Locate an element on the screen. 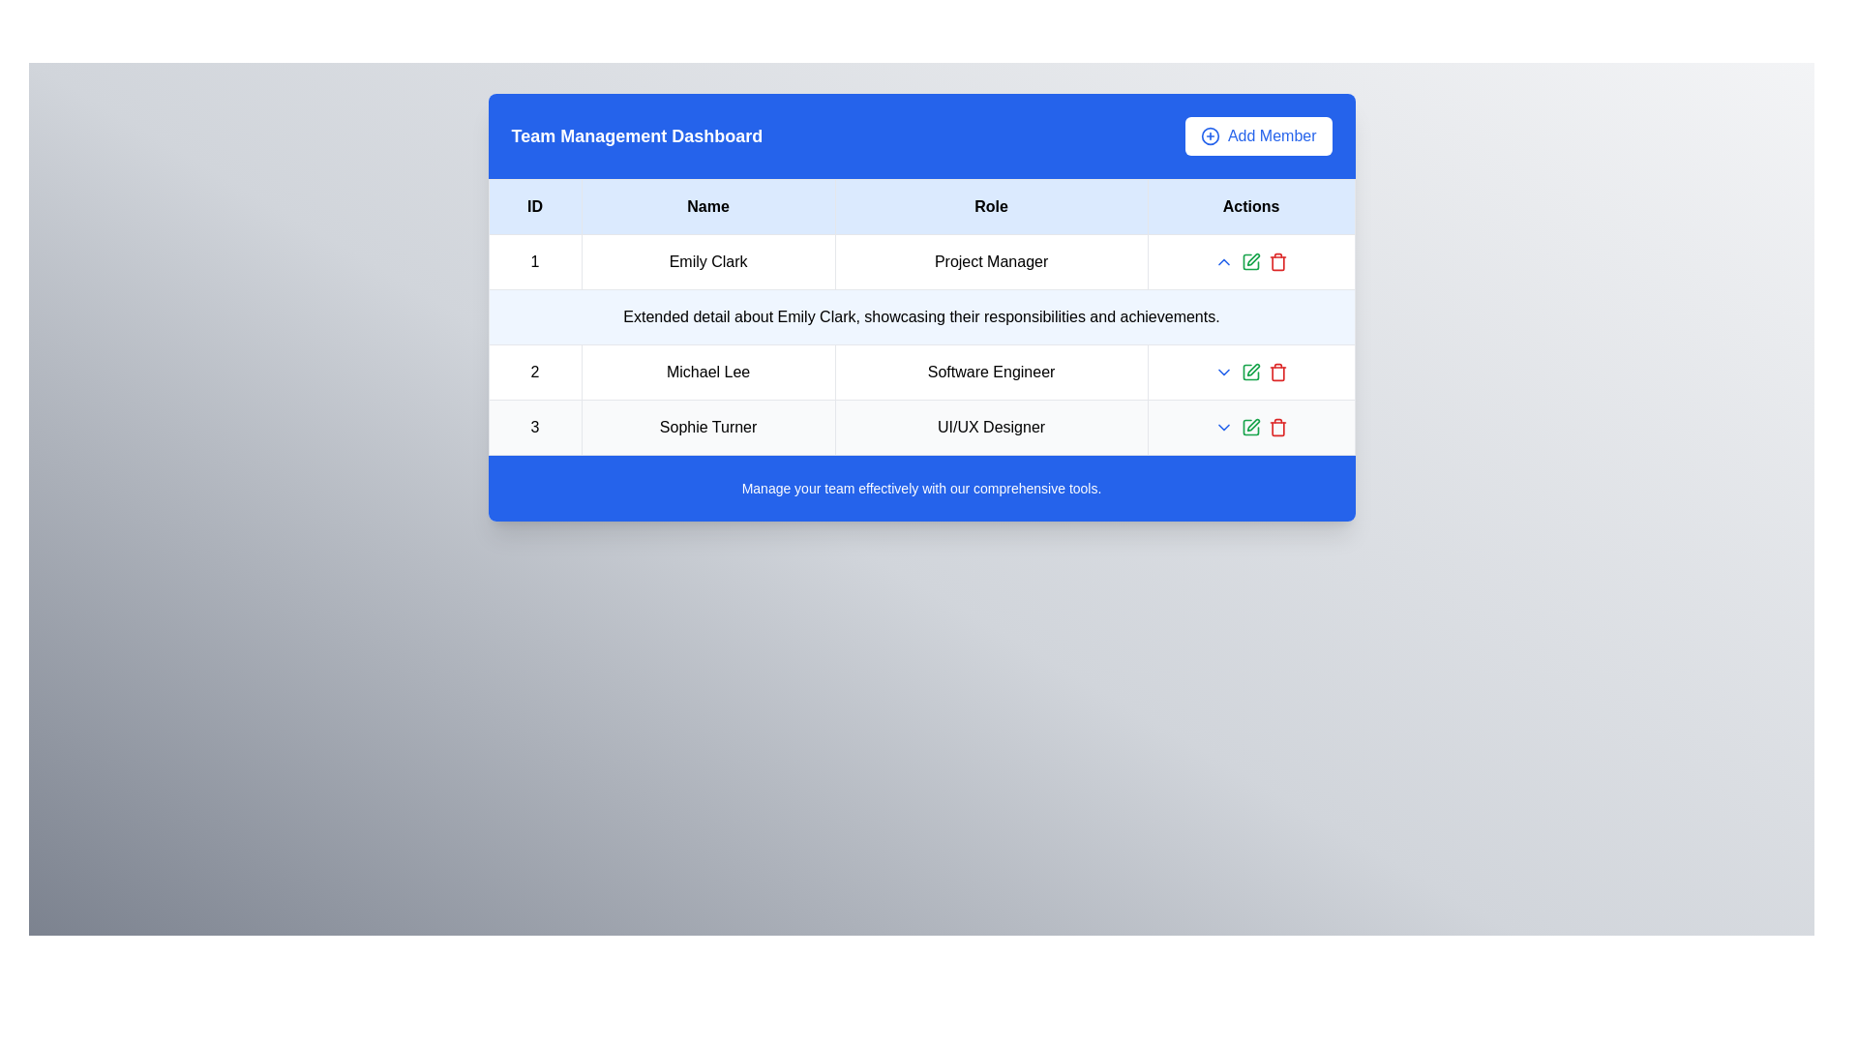  the SVG icon representing a functional button located in the 'Actions' column, which is situated to the left of the trash icon is located at coordinates (1251, 373).